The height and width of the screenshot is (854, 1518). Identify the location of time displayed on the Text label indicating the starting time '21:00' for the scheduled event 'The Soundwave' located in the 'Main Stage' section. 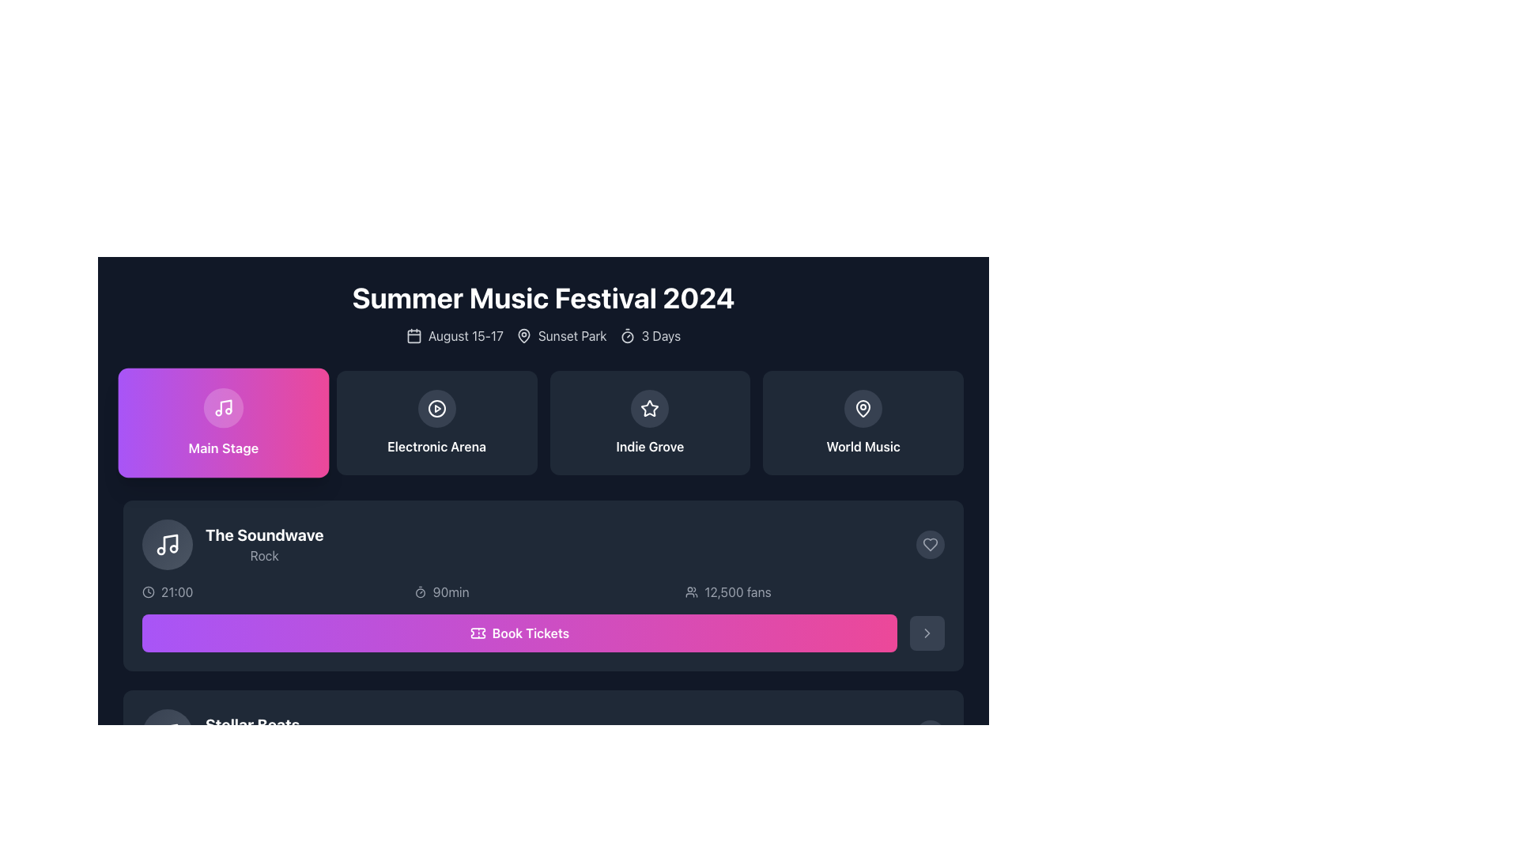
(177, 591).